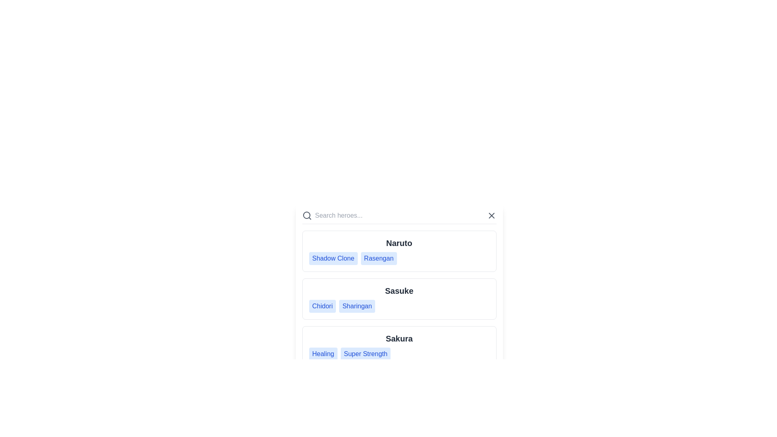 The width and height of the screenshot is (777, 437). I want to click on the display panel that presents the character 'Sasuke' and its associated abilities, located in the middle row between 'Naruto' and 'Sakura', so click(399, 299).